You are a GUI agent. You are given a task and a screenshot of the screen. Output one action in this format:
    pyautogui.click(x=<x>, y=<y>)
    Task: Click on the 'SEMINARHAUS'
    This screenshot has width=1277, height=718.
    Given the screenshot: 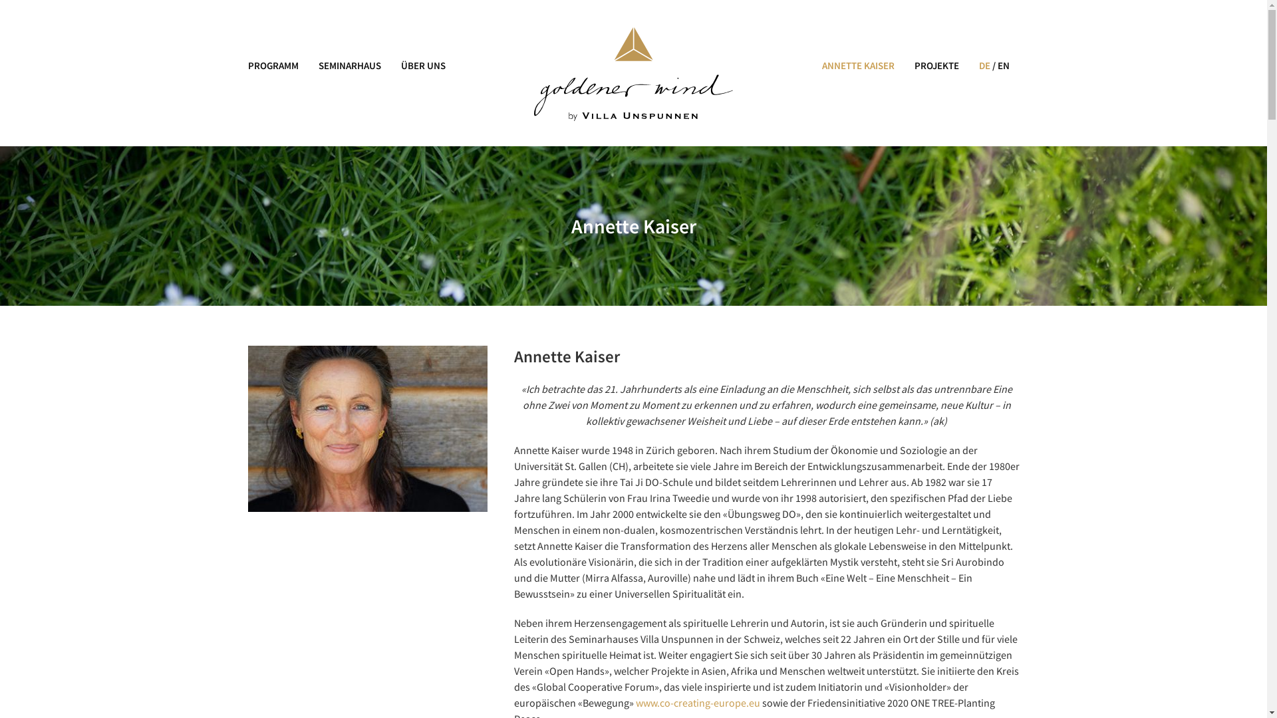 What is the action you would take?
    pyautogui.click(x=350, y=66)
    